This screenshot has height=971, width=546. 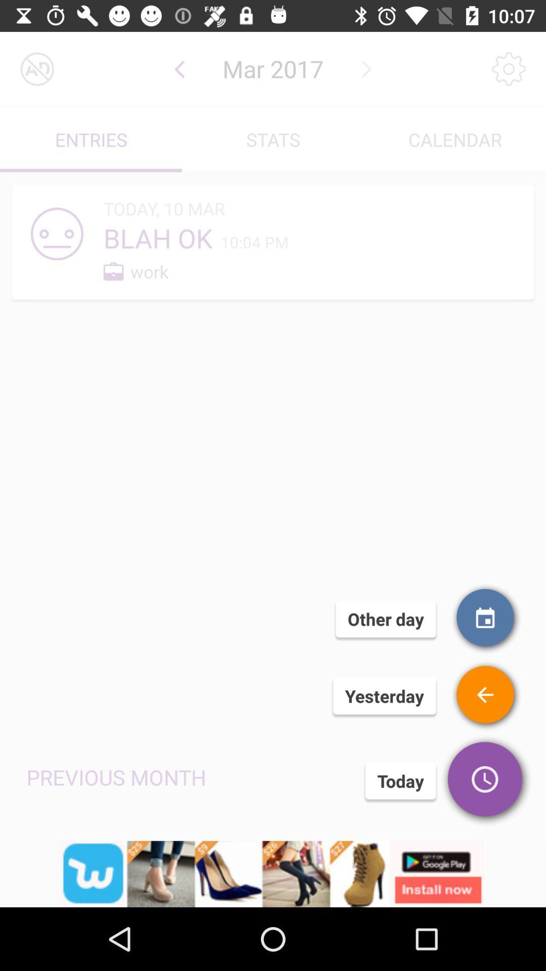 I want to click on settings, so click(x=509, y=68).